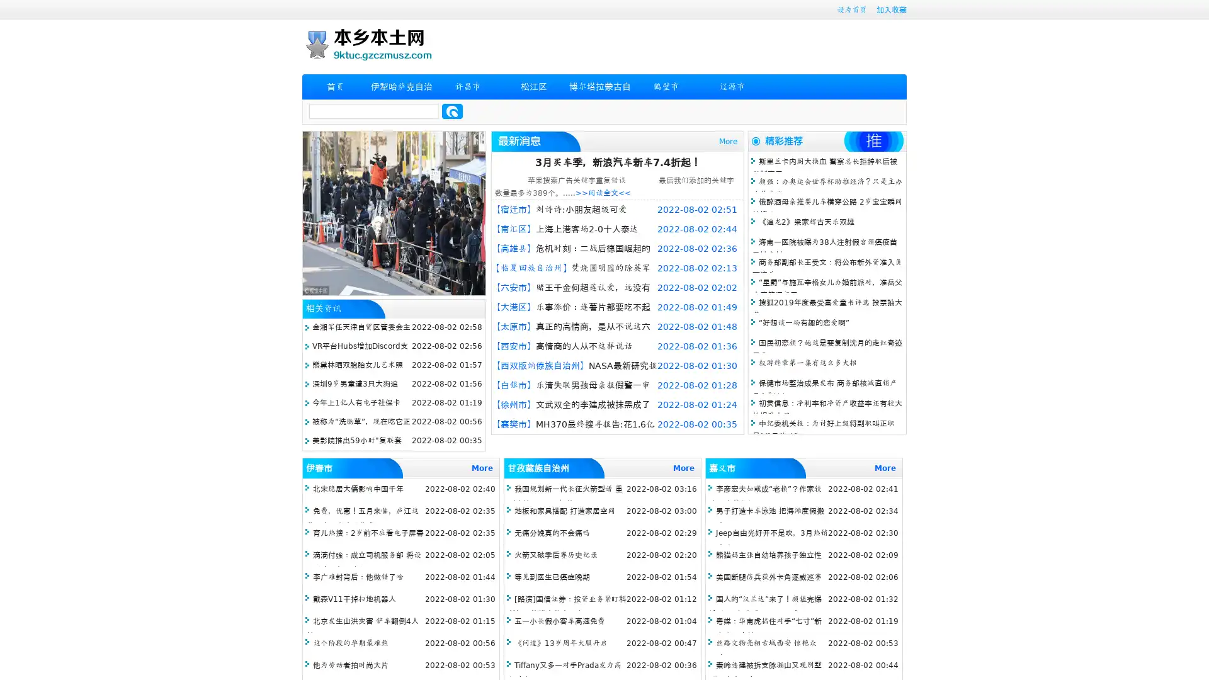 Image resolution: width=1209 pixels, height=680 pixels. I want to click on Search, so click(452, 111).